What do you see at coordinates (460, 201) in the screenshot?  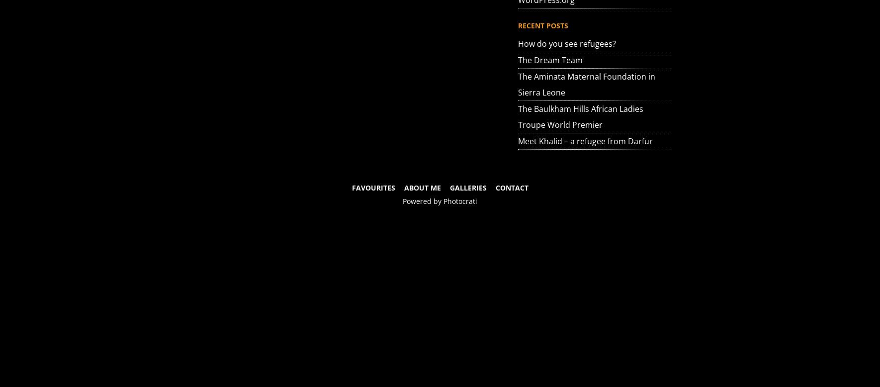 I see `'Photocrati'` at bounding box center [460, 201].